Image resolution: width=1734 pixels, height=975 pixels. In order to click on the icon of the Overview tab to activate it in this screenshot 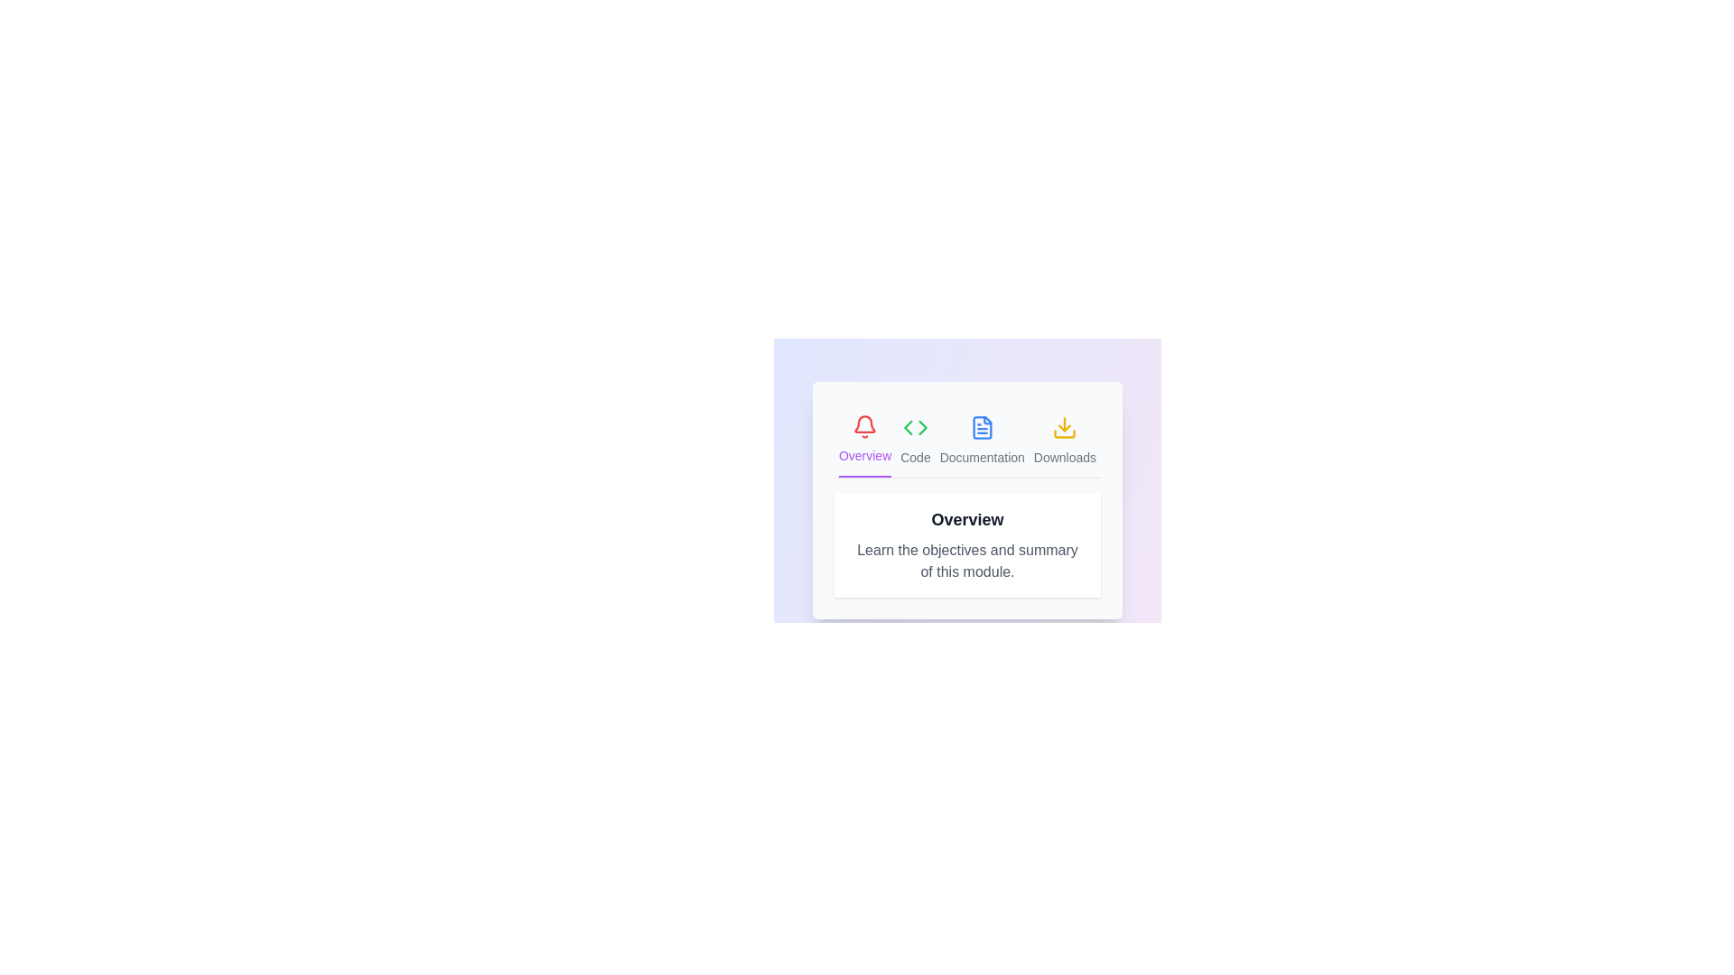, I will do `click(864, 441)`.